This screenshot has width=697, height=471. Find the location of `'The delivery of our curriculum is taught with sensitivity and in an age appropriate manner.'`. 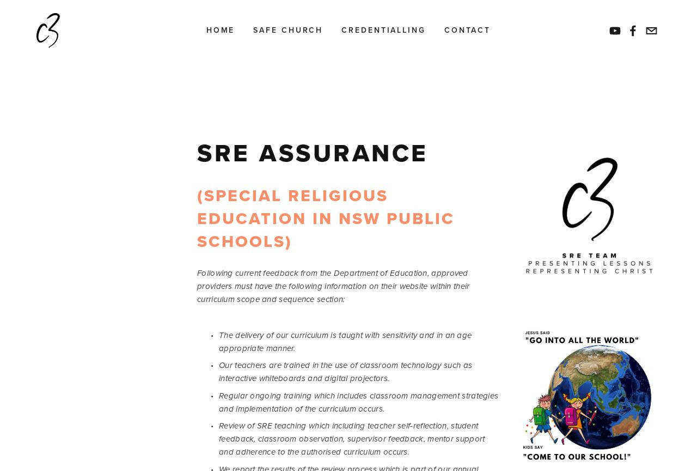

'The delivery of our curriculum is taught with sensitivity and in an age appropriate manner.' is located at coordinates (346, 340).